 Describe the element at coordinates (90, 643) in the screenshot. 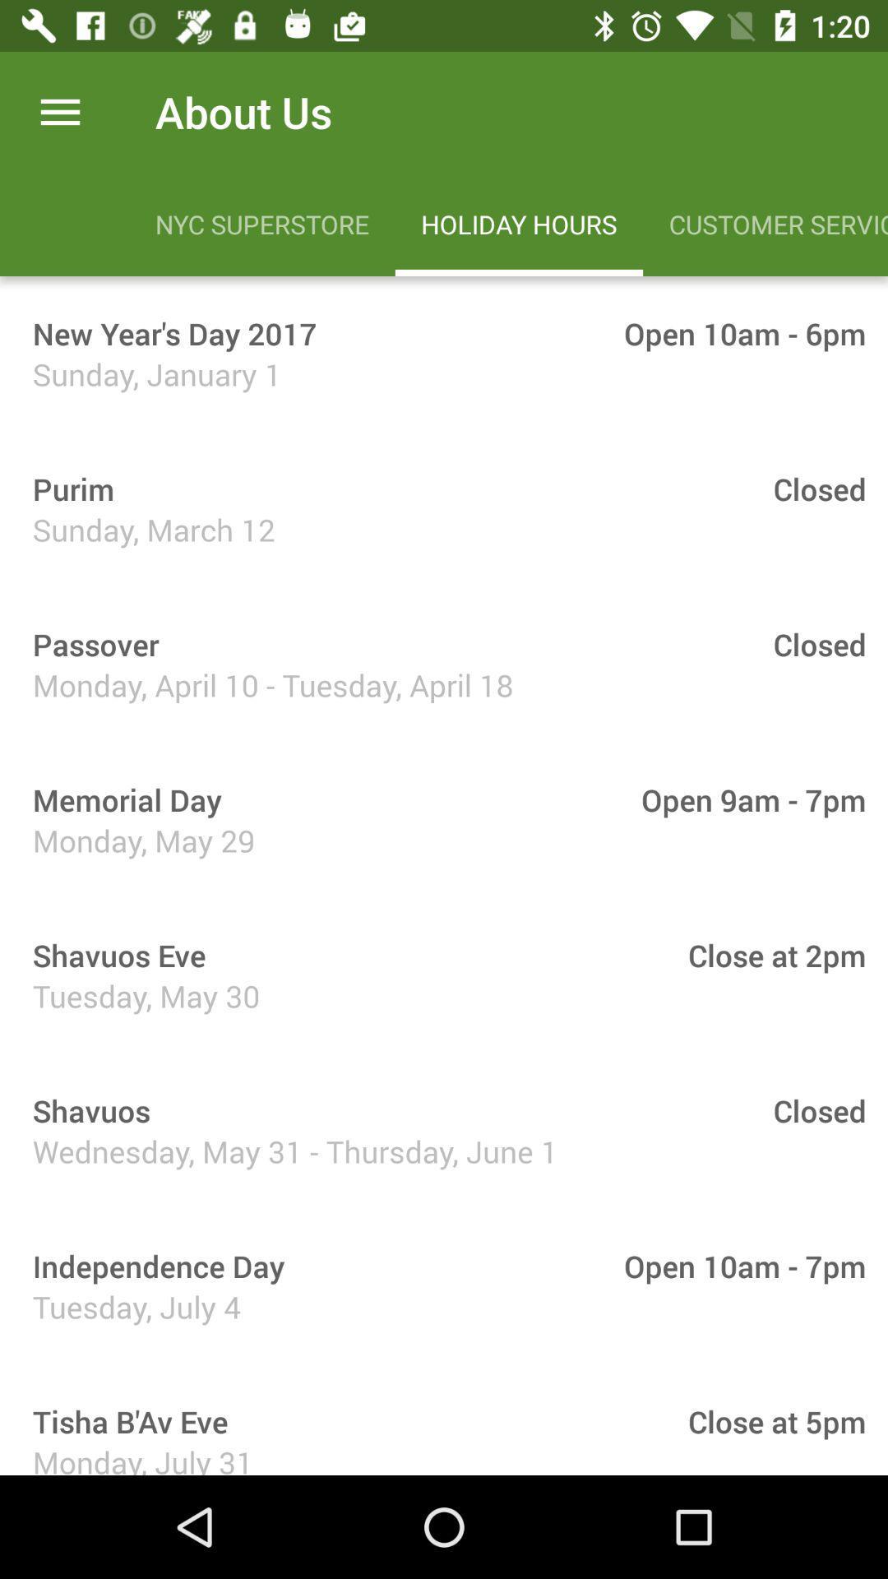

I see `the item above monday april 10 icon` at that location.